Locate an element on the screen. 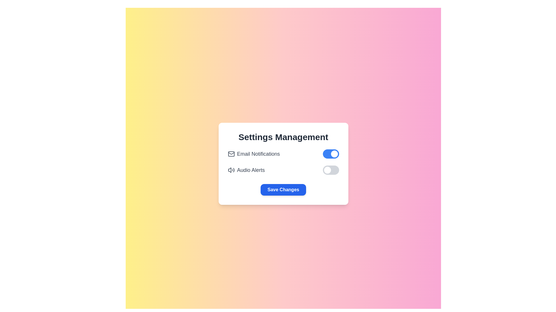 The height and width of the screenshot is (312, 556). the 'Save Changes' button, which is a rectangular button with a blue background and white text, located at the bottom of the settings panel under 'Audio Alerts.' is located at coordinates (283, 190).